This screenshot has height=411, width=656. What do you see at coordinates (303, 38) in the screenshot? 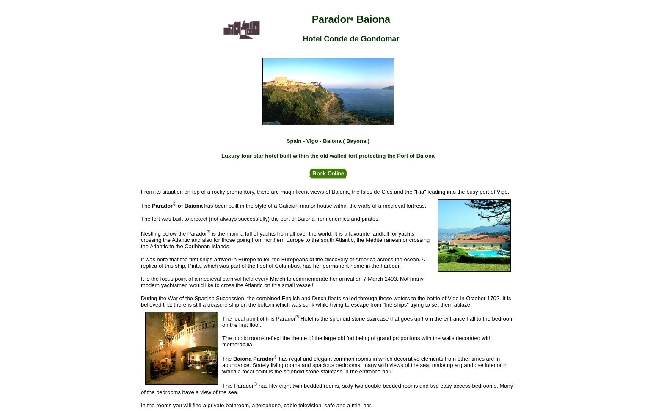
I see `'Hotel Conde de Gondomar'` at bounding box center [303, 38].